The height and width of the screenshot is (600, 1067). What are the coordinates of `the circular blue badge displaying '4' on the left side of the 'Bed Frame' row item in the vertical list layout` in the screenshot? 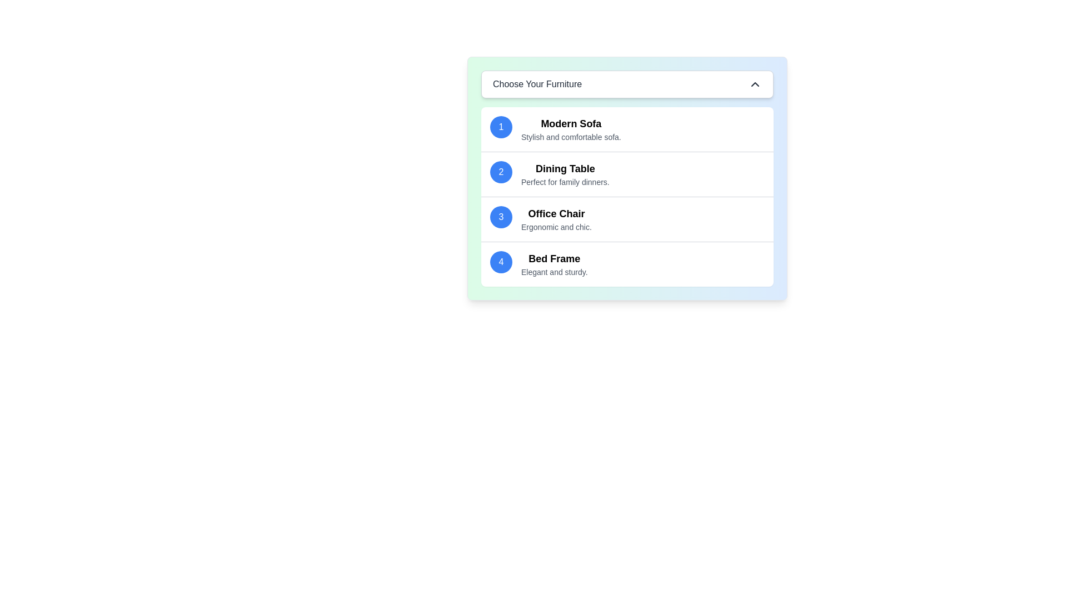 It's located at (501, 262).